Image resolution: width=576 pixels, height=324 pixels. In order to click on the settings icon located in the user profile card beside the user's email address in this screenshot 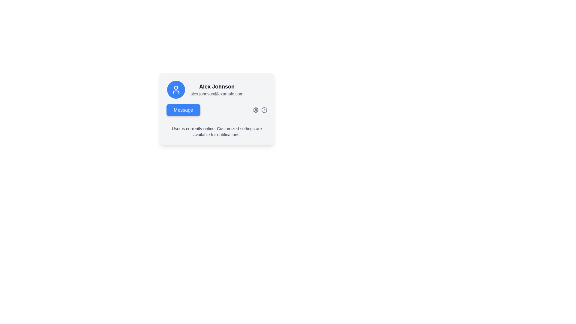, I will do `click(256, 110)`.